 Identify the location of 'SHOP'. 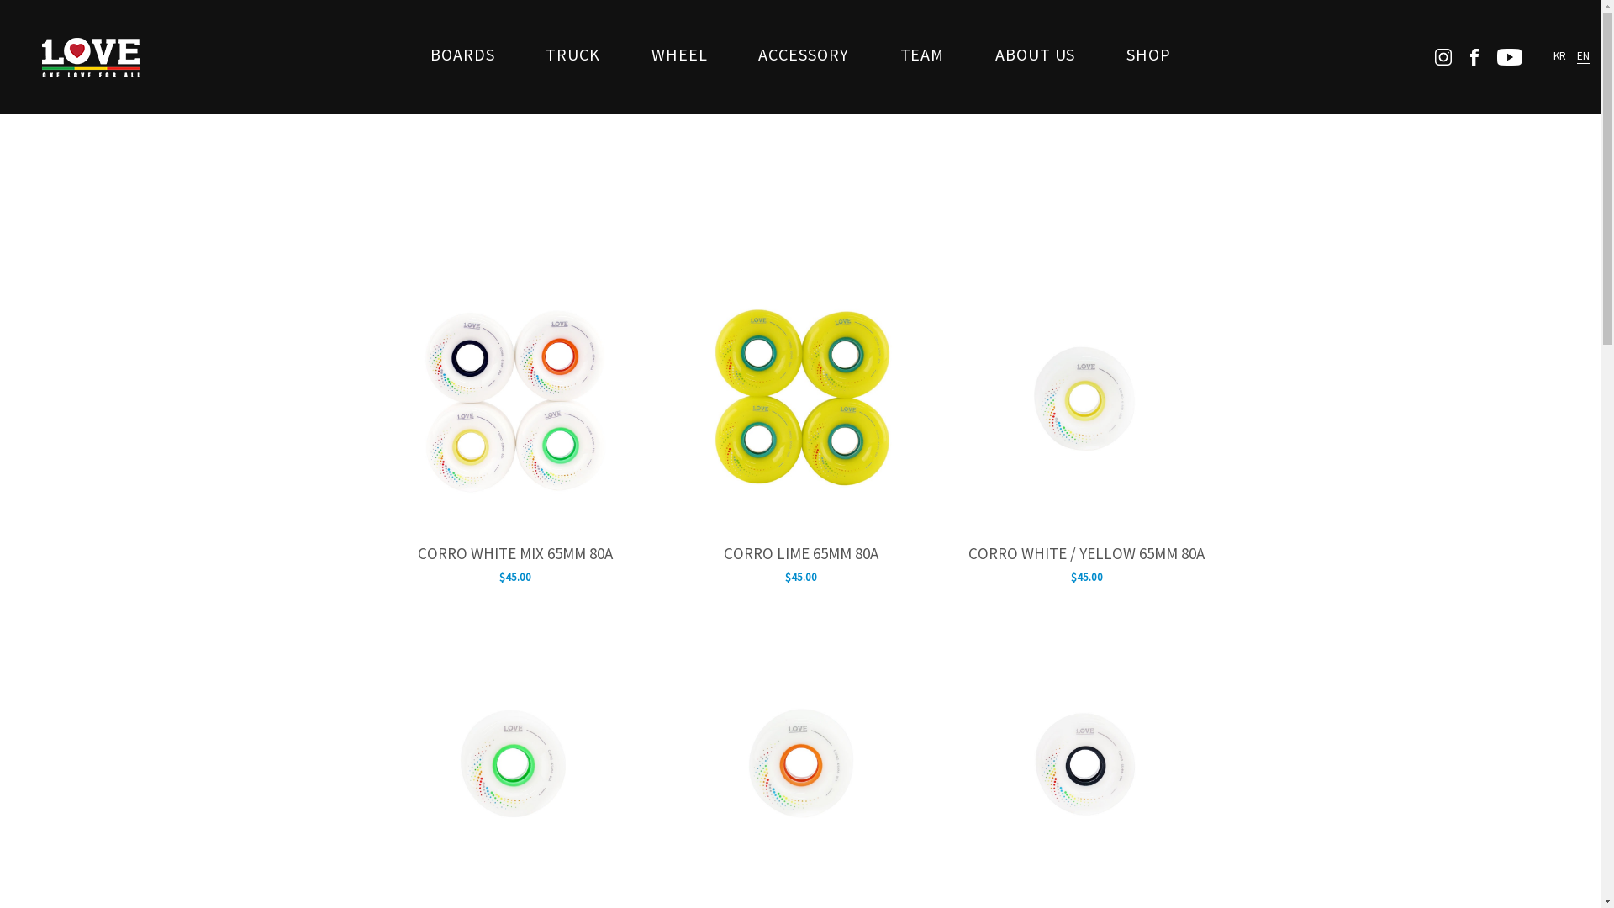
(1147, 55).